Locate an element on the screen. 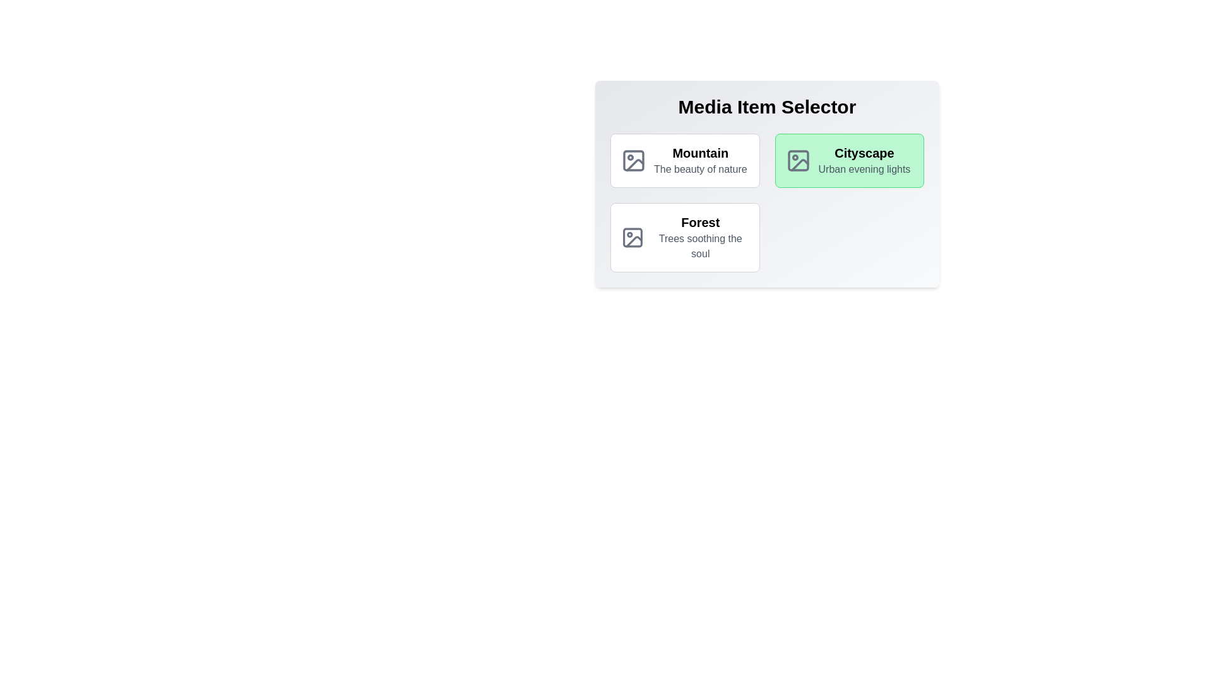  the media item Mountain to observe the scaling effect is located at coordinates (684, 160).